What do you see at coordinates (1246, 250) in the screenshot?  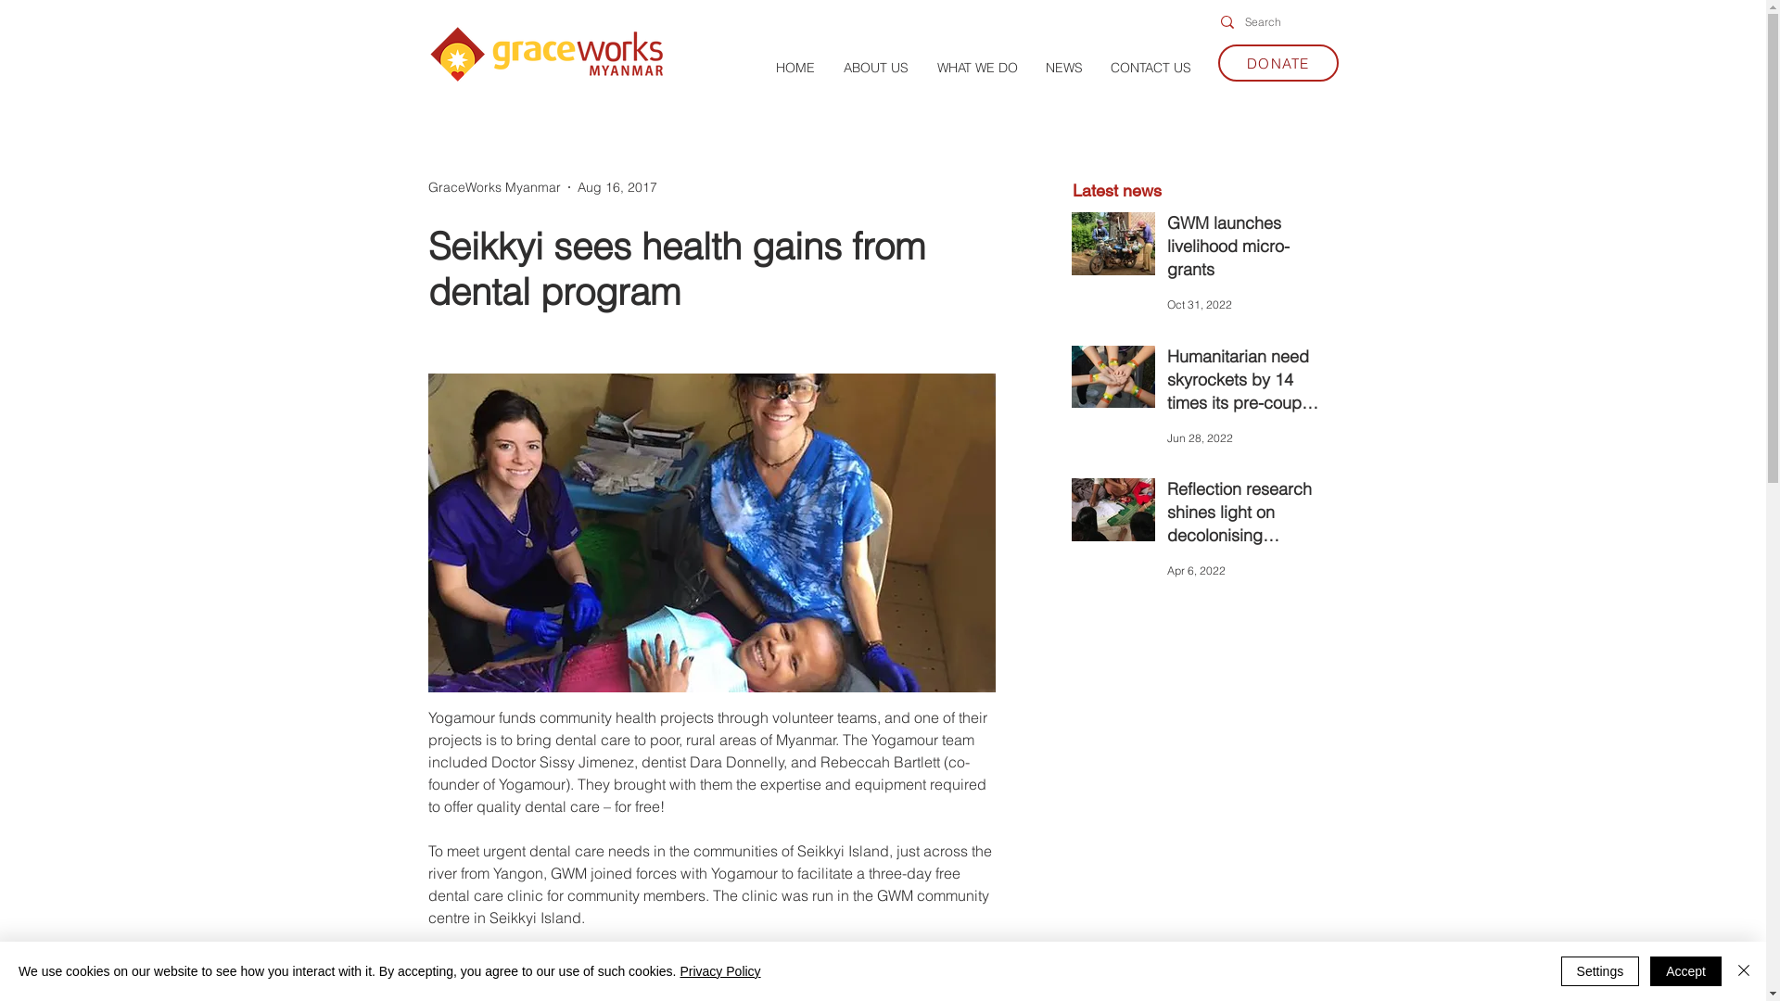 I see `'GWM launches livelihood micro-grants'` at bounding box center [1246, 250].